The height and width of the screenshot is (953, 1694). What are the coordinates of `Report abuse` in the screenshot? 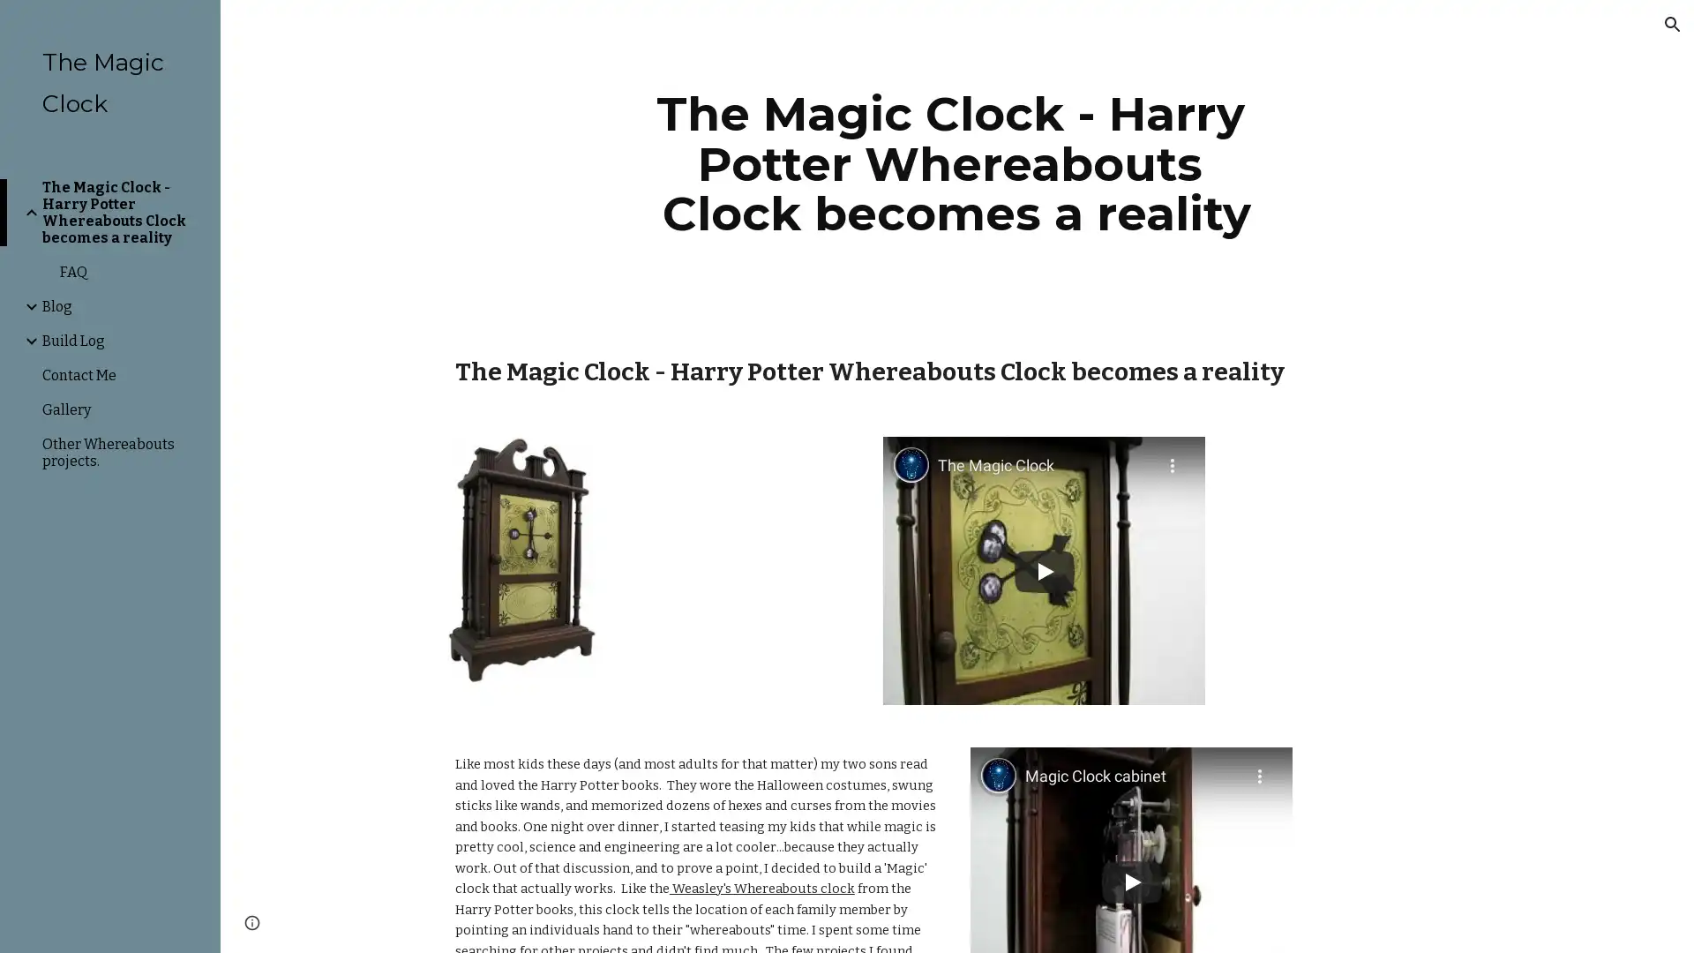 It's located at (433, 921).